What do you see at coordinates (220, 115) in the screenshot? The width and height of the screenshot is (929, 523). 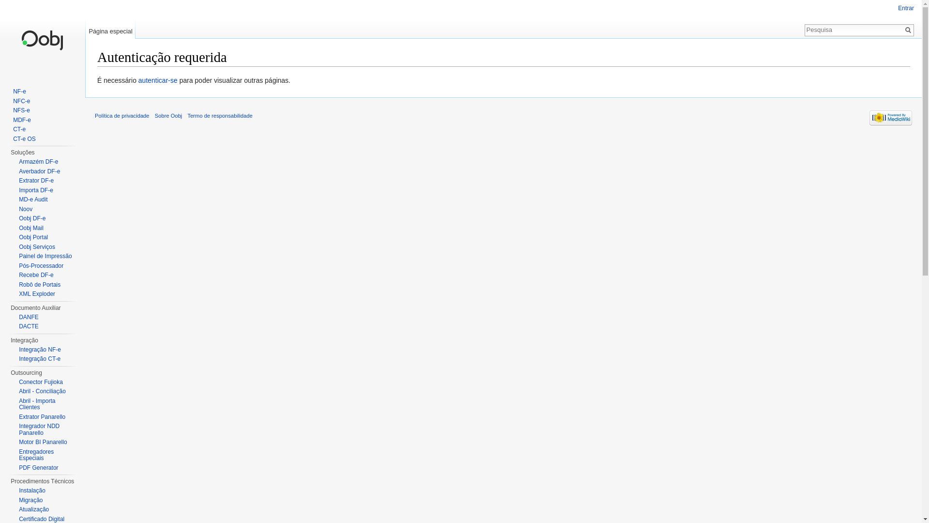 I see `'Termo de responsabilidade'` at bounding box center [220, 115].